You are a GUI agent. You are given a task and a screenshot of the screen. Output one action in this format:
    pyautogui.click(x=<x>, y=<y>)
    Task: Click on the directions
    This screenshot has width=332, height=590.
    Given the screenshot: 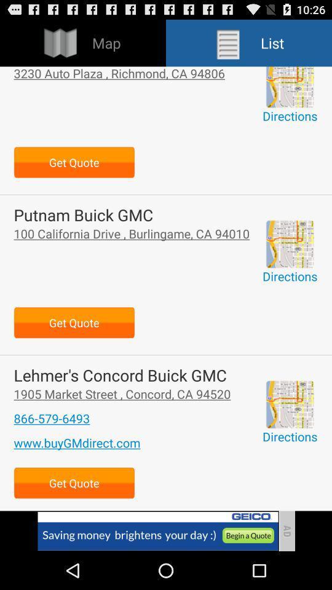 What is the action you would take?
    pyautogui.click(x=290, y=404)
    